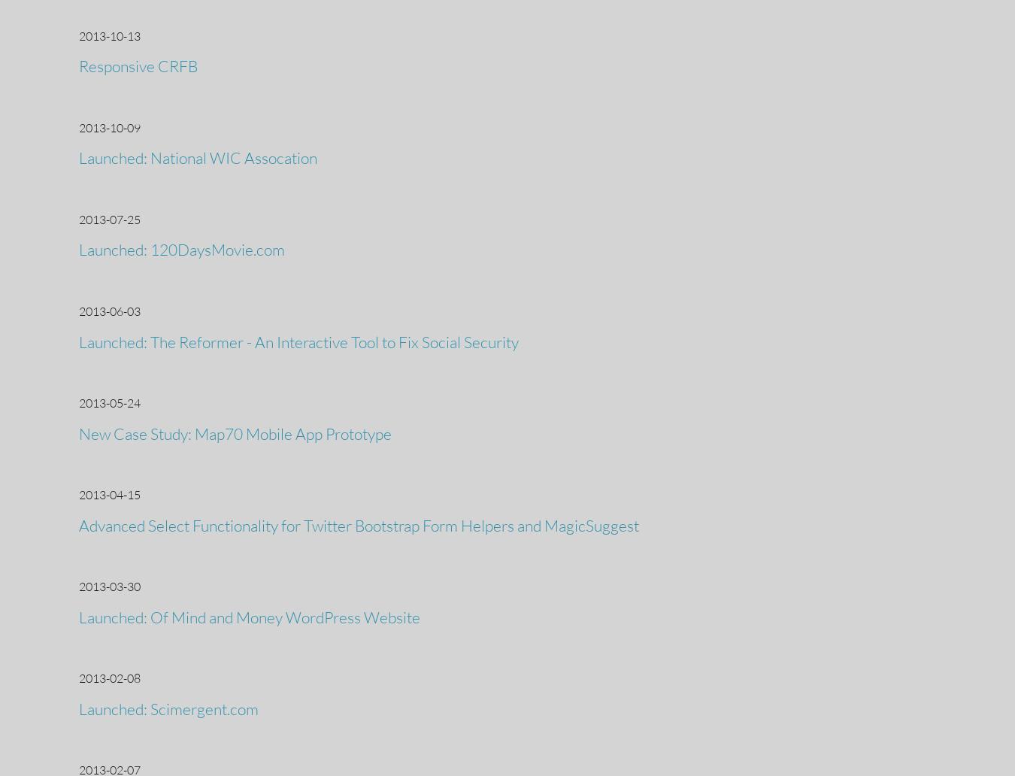 This screenshot has width=1015, height=776. I want to click on '2013-05-24', so click(78, 403).